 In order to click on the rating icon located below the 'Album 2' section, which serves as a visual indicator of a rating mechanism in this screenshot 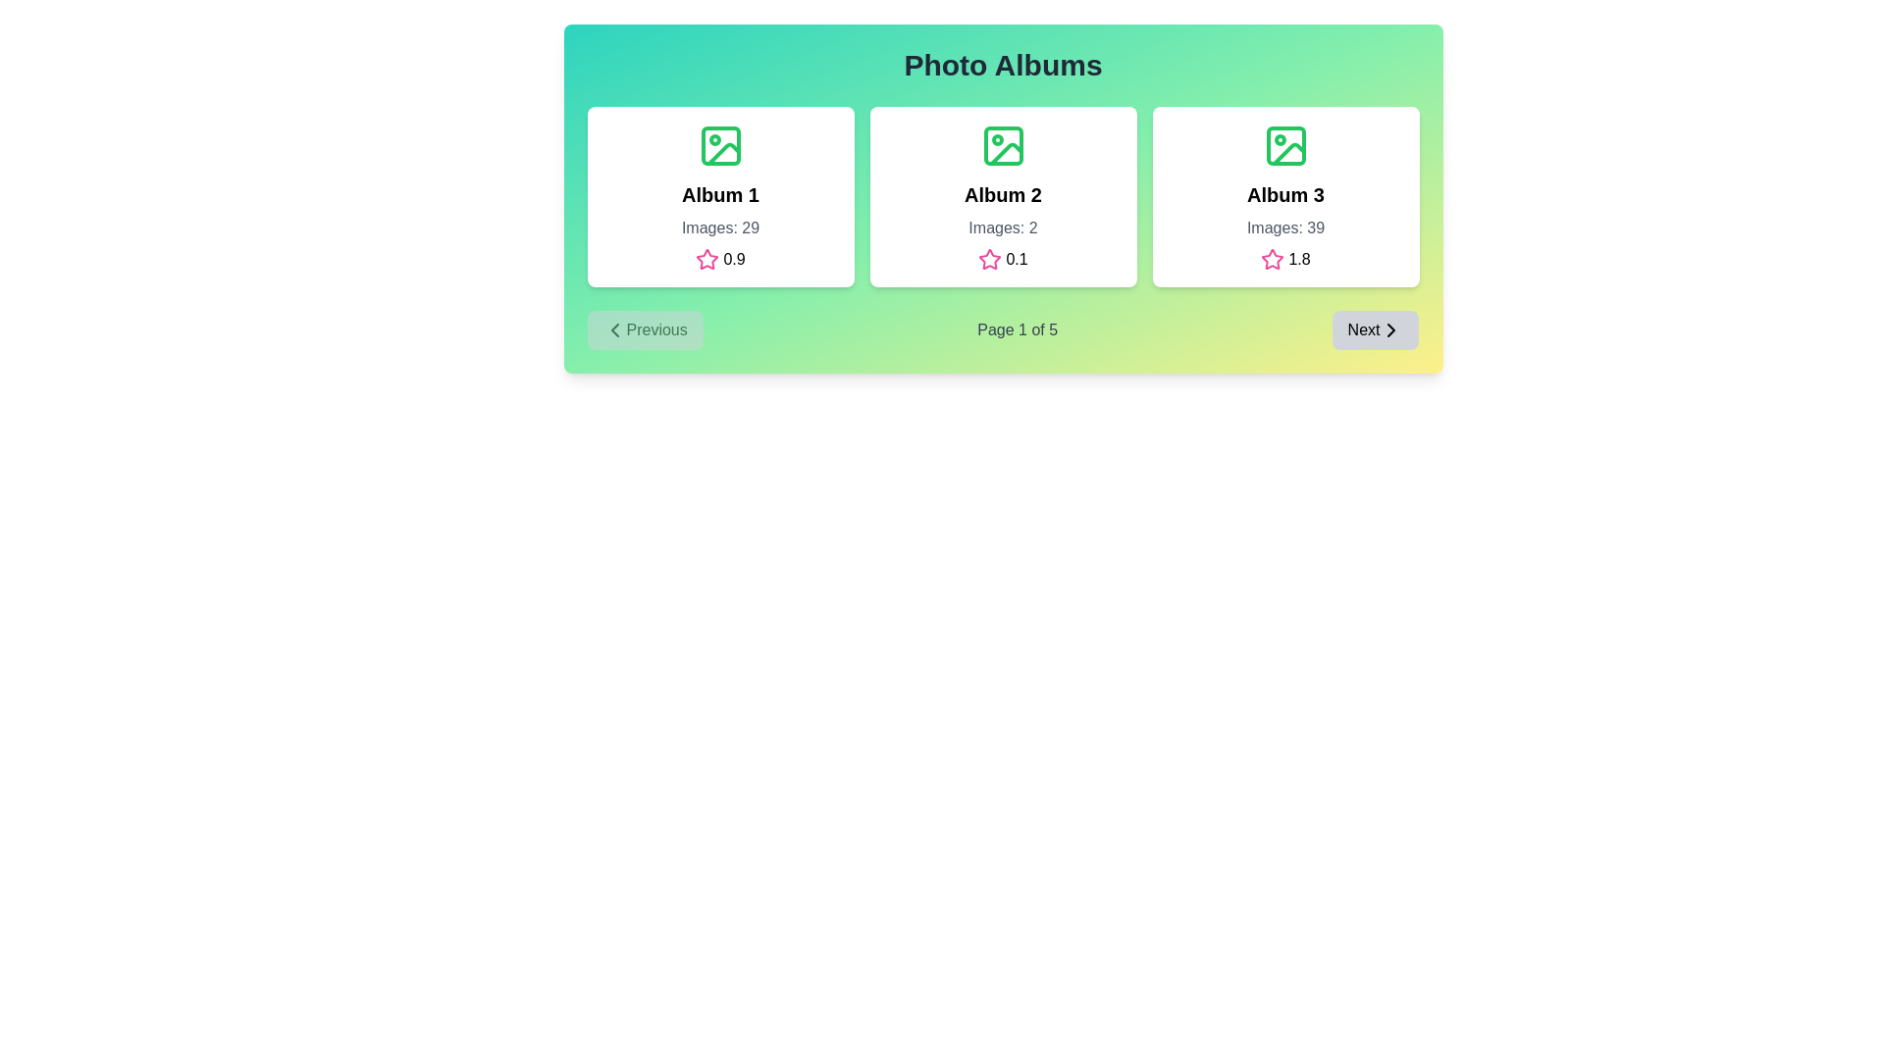, I will do `click(990, 258)`.